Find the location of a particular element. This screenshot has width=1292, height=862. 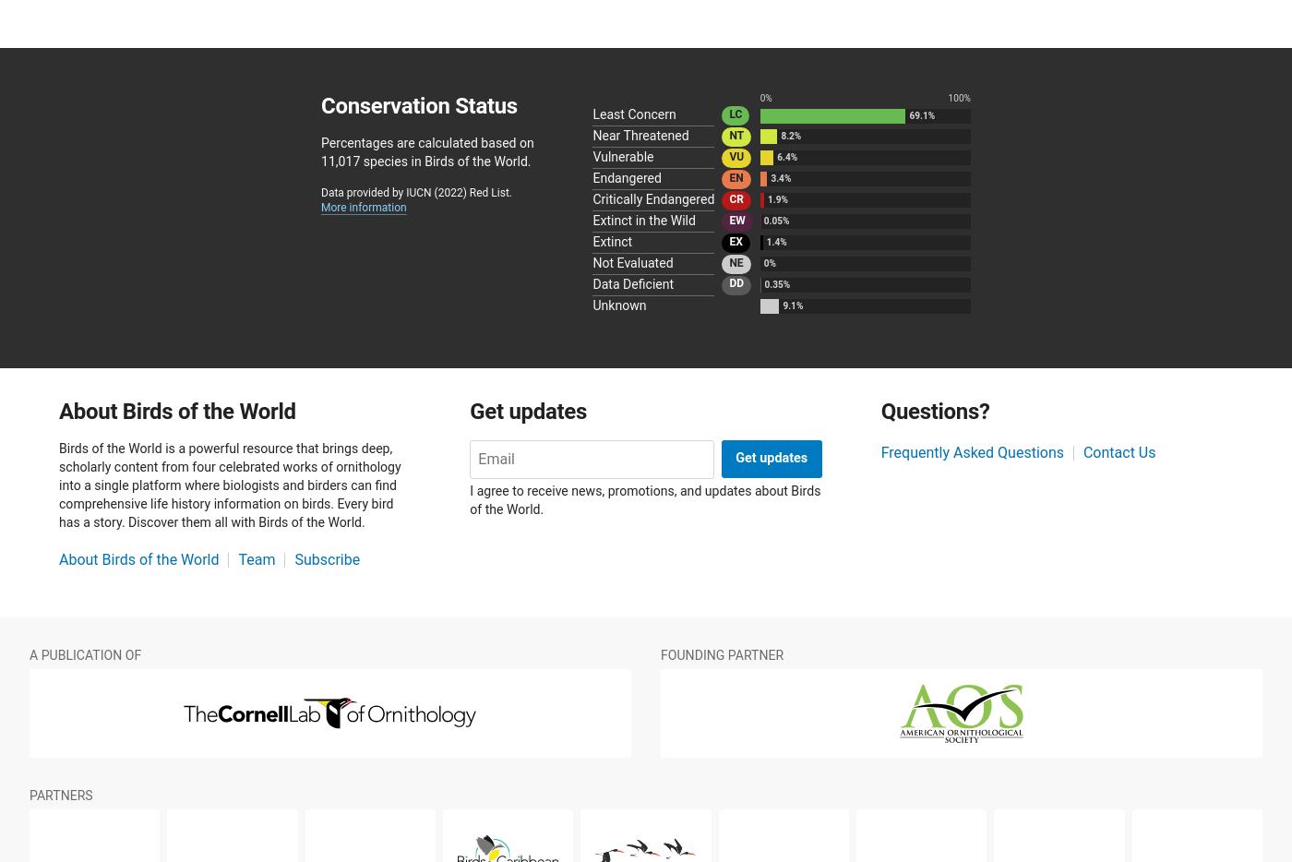

'8.2%' is located at coordinates (790, 136).